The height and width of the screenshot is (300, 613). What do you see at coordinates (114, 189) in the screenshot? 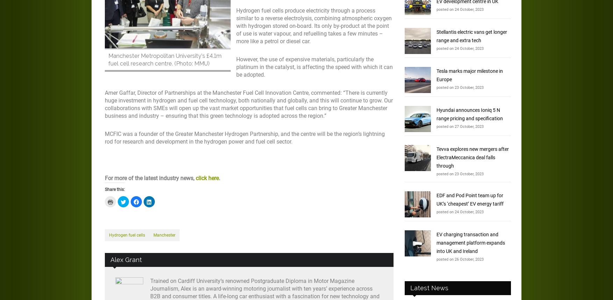
I see `'Share this:'` at bounding box center [114, 189].